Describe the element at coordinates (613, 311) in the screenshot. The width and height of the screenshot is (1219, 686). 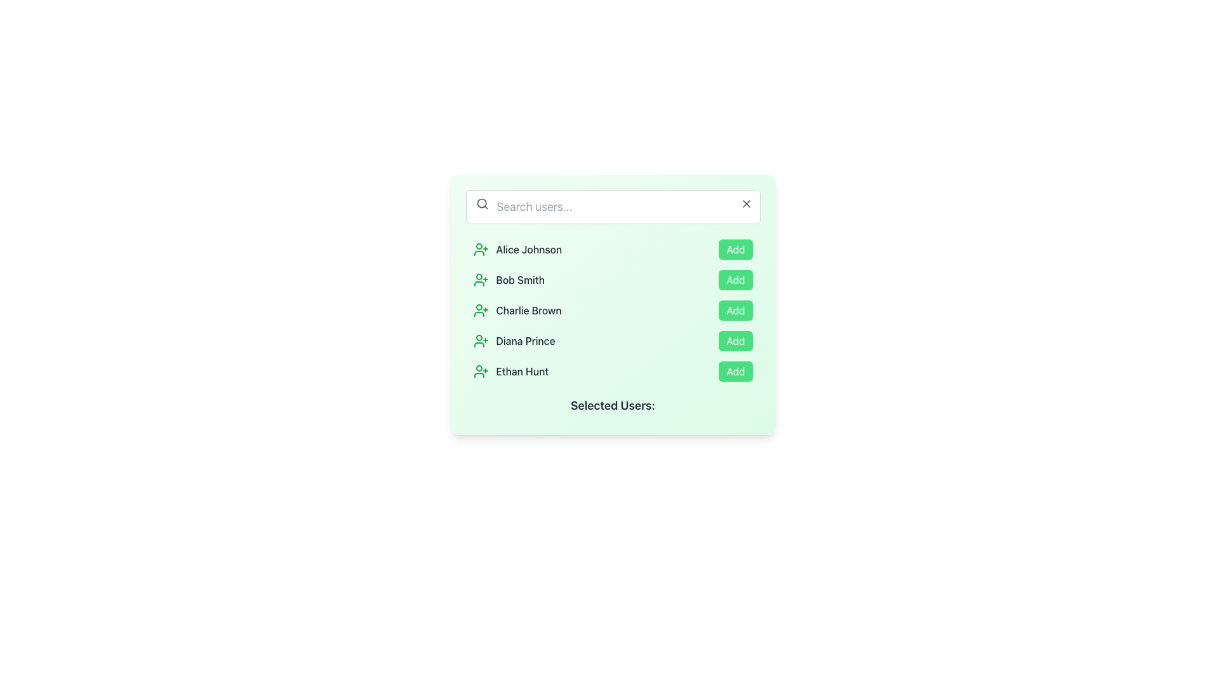
I see `the third row representing user 'Charlie Brown' for possible navigation by moving the cursor to its center point` at that location.